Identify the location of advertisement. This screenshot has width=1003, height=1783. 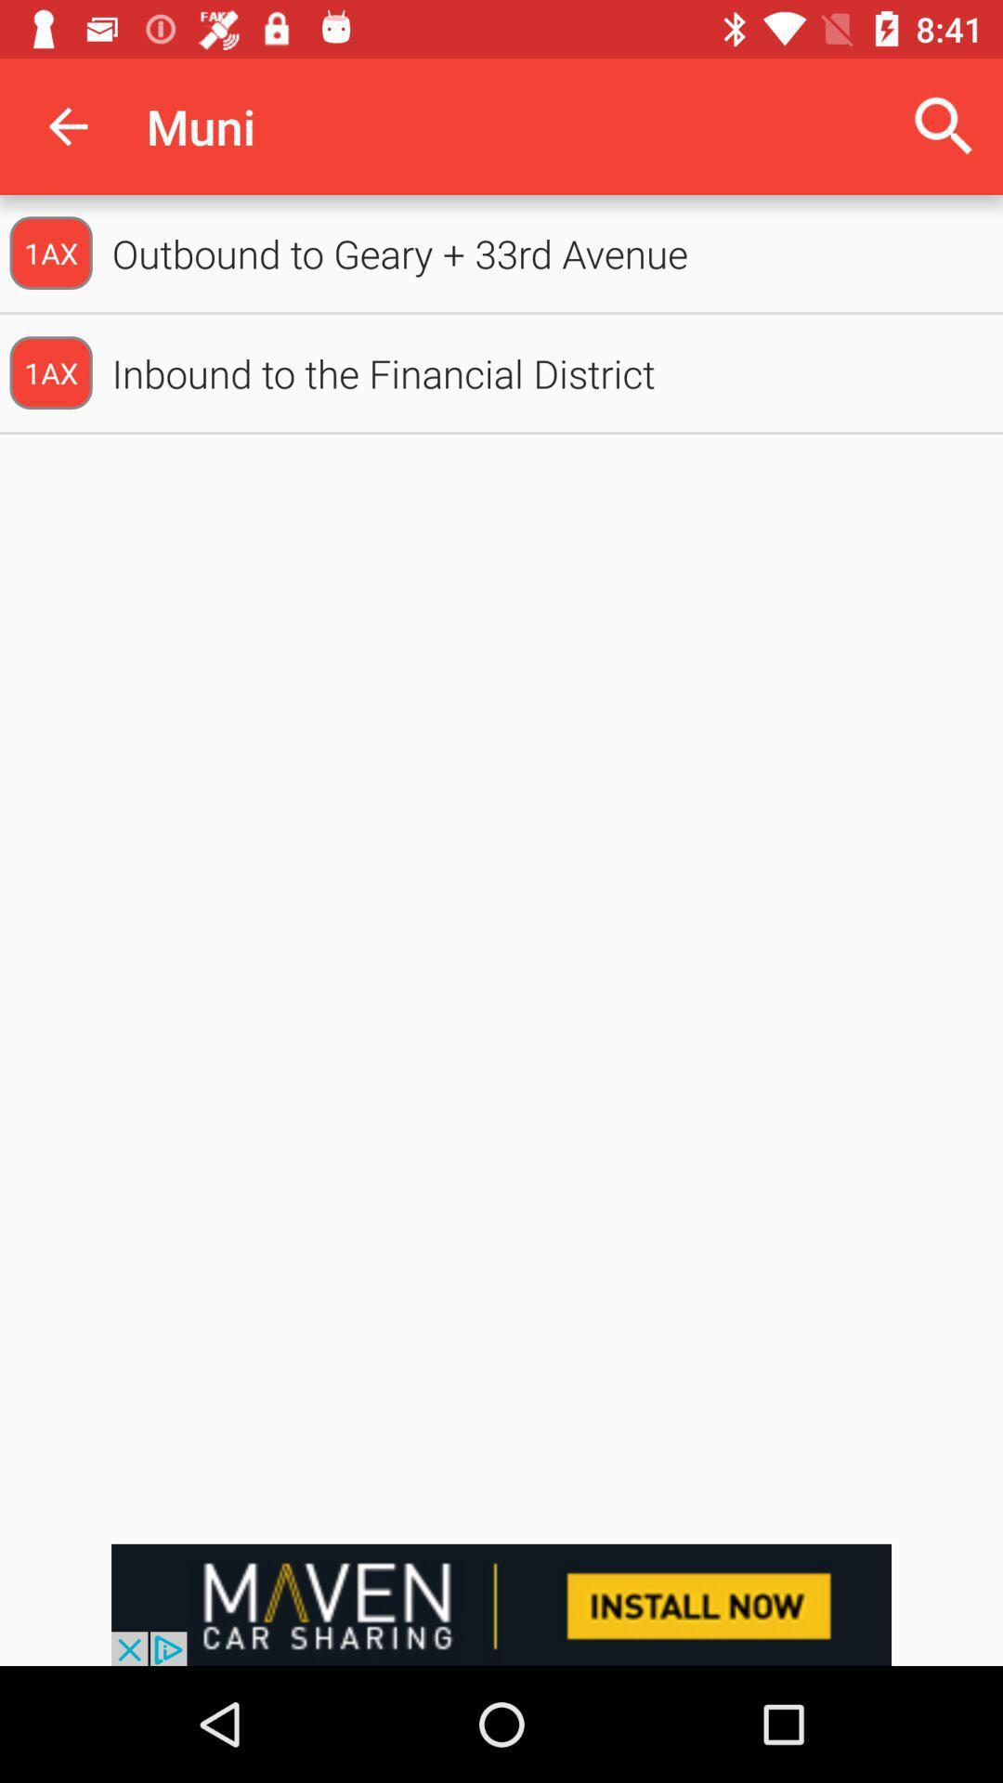
(501, 1604).